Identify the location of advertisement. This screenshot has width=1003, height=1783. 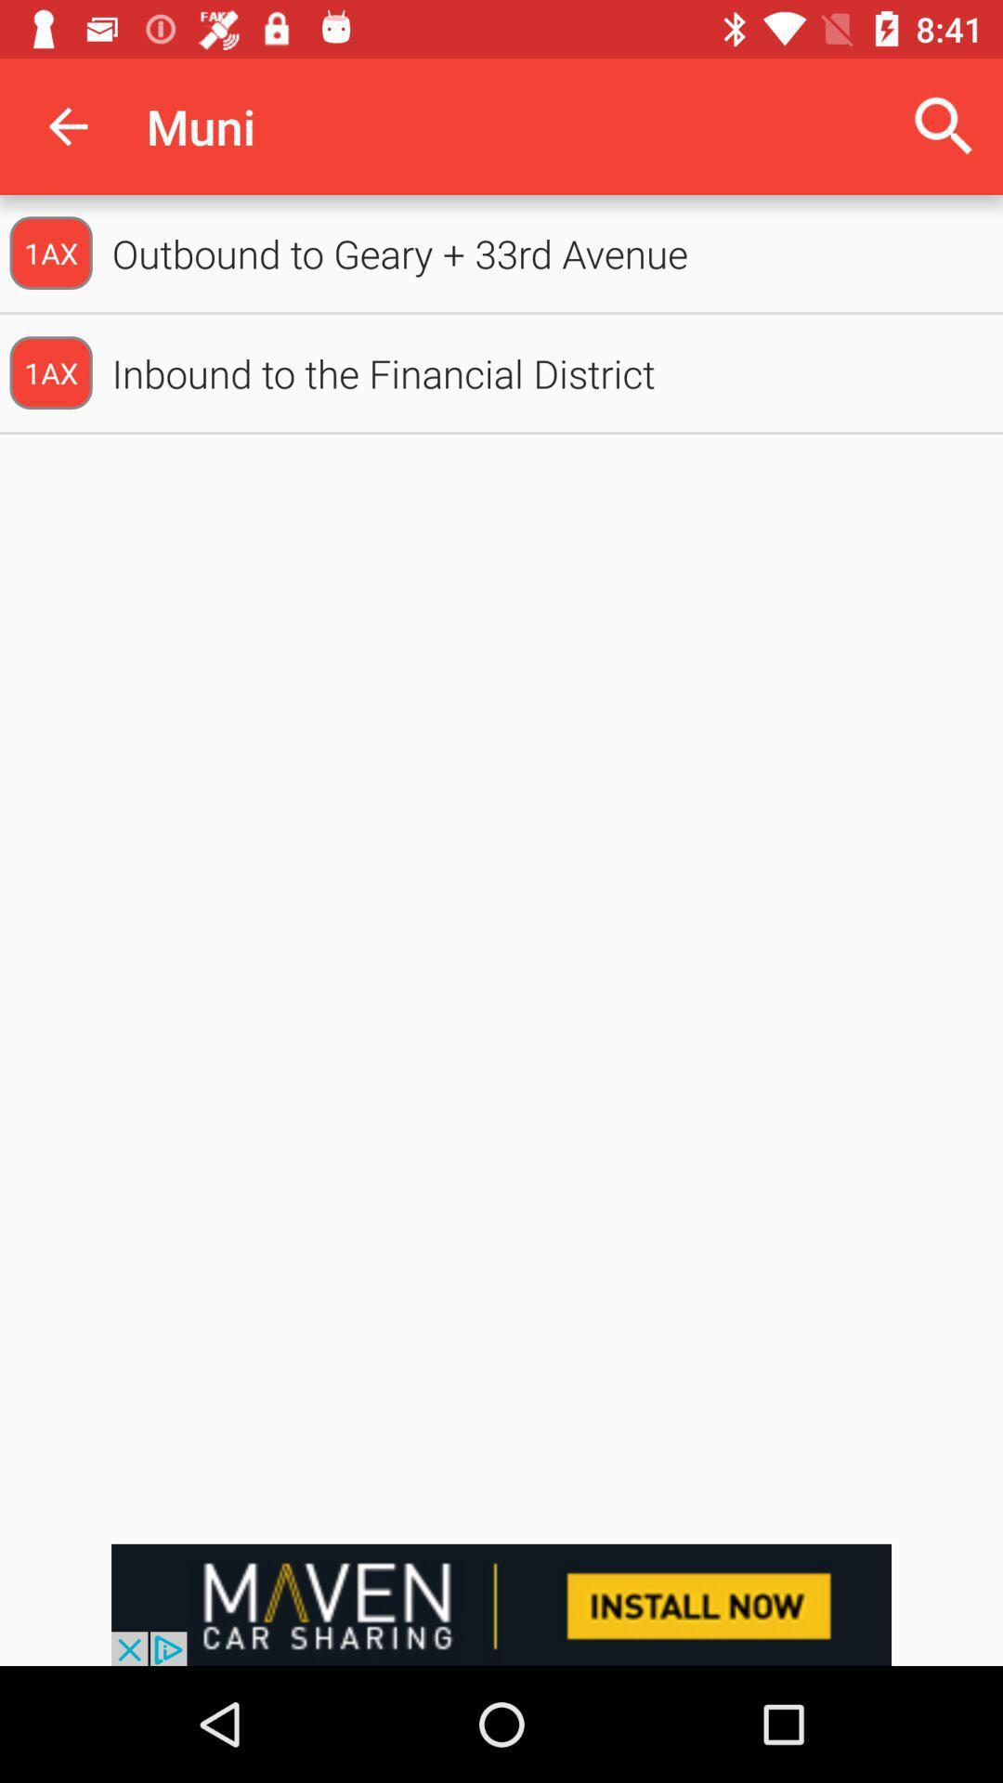
(501, 1604).